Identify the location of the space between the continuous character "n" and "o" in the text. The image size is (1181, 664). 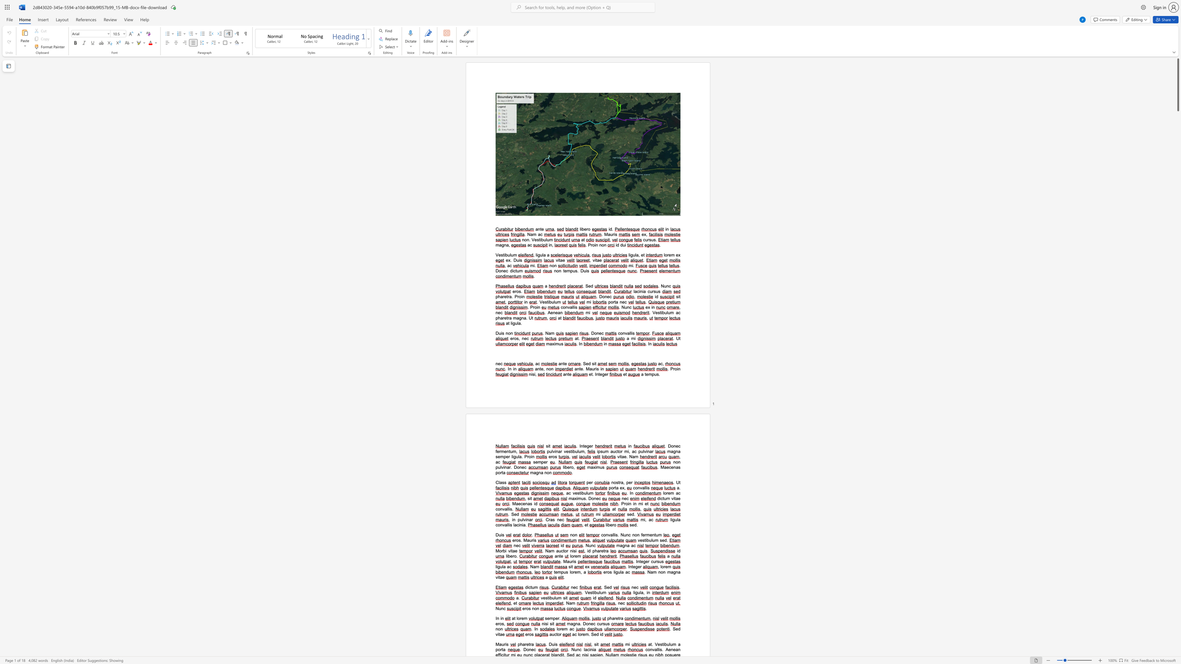
(660, 572).